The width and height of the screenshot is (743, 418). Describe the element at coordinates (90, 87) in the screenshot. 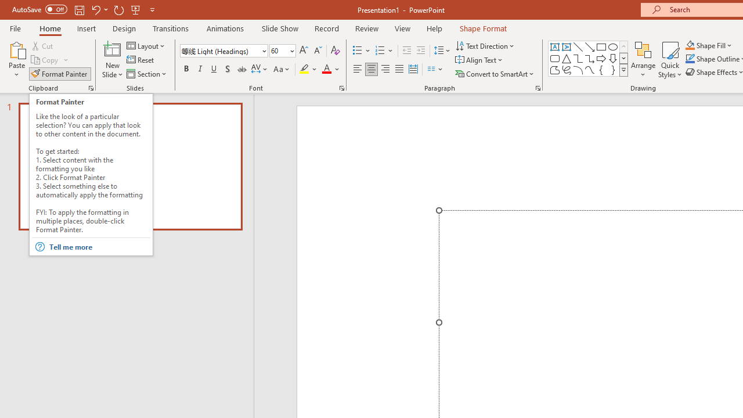

I see `'Office Clipboard...'` at that location.